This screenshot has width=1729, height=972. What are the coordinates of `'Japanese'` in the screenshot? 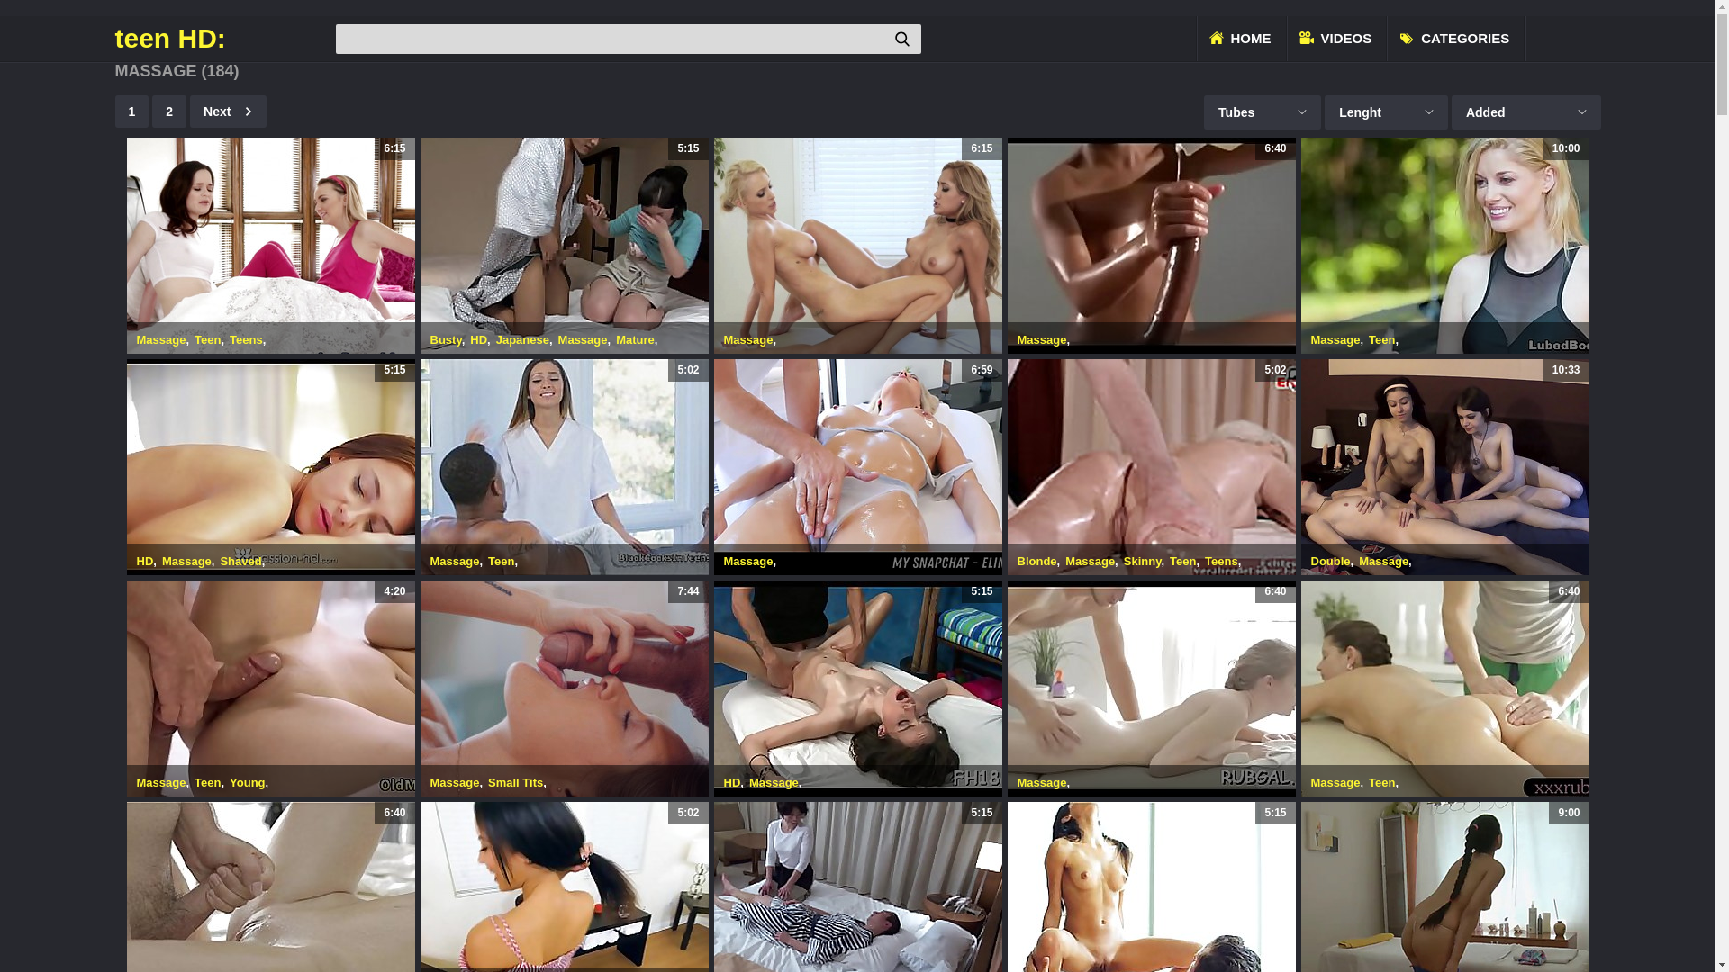 It's located at (521, 339).